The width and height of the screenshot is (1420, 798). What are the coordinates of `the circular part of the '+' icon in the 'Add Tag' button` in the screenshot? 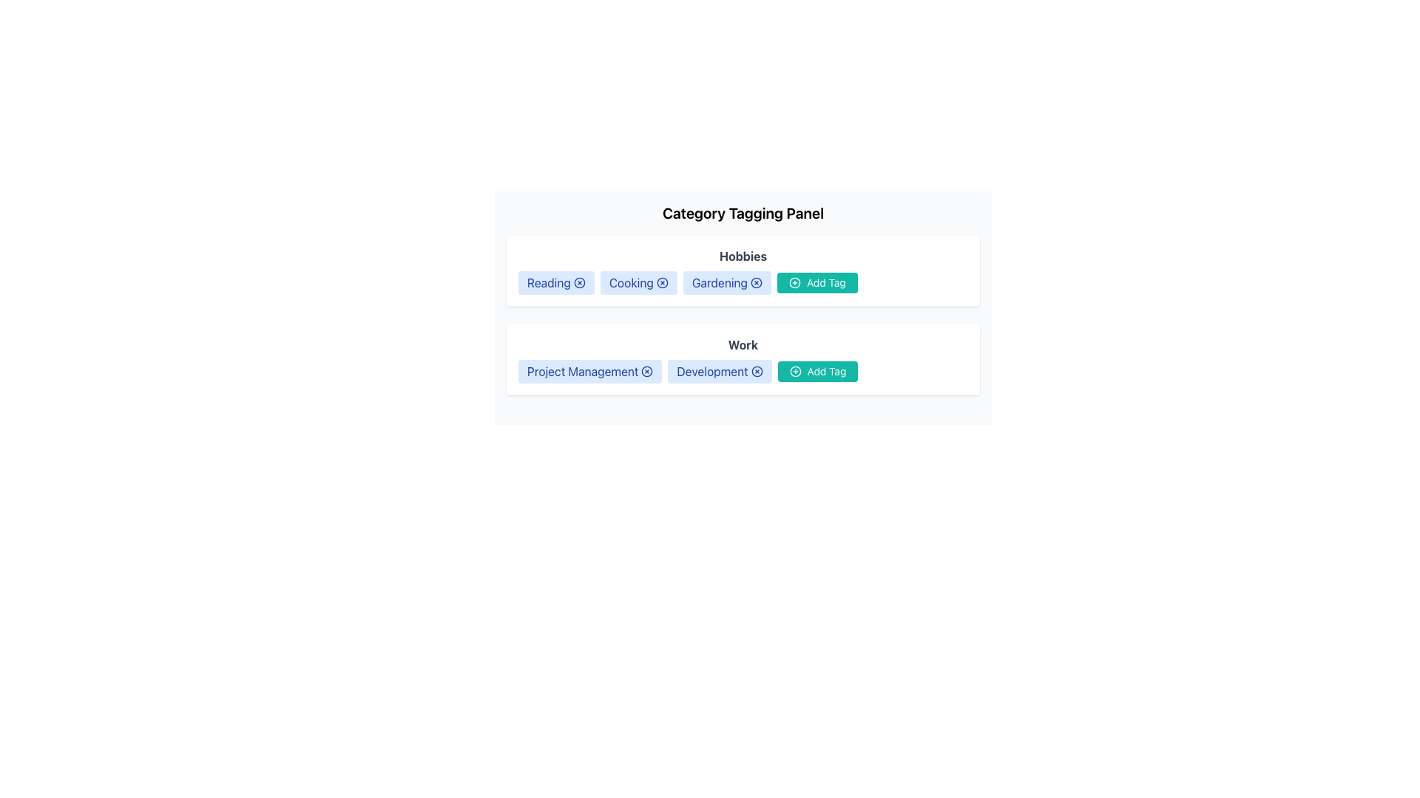 It's located at (794, 370).